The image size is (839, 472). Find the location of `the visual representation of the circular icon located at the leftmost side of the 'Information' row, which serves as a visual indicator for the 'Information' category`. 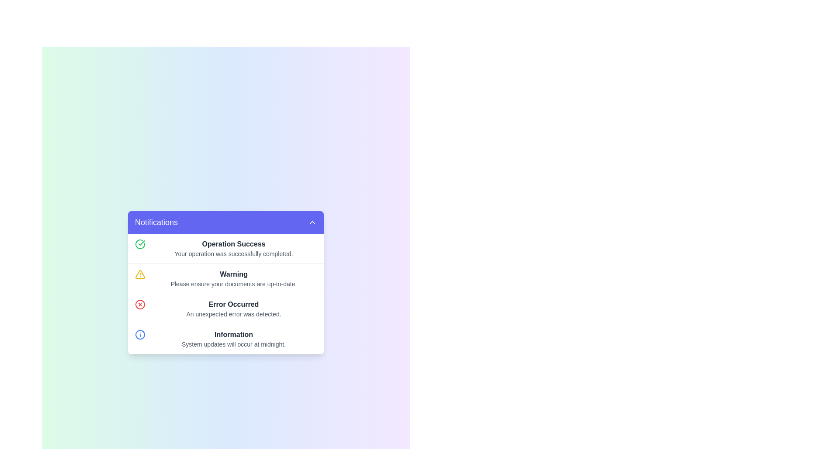

the visual representation of the circular icon located at the leftmost side of the 'Information' row, which serves as a visual indicator for the 'Information' category is located at coordinates (140, 334).